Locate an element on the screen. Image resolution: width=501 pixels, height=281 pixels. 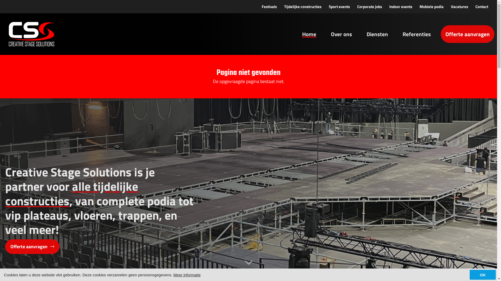
'Corporate jobs' is located at coordinates (369, 7).